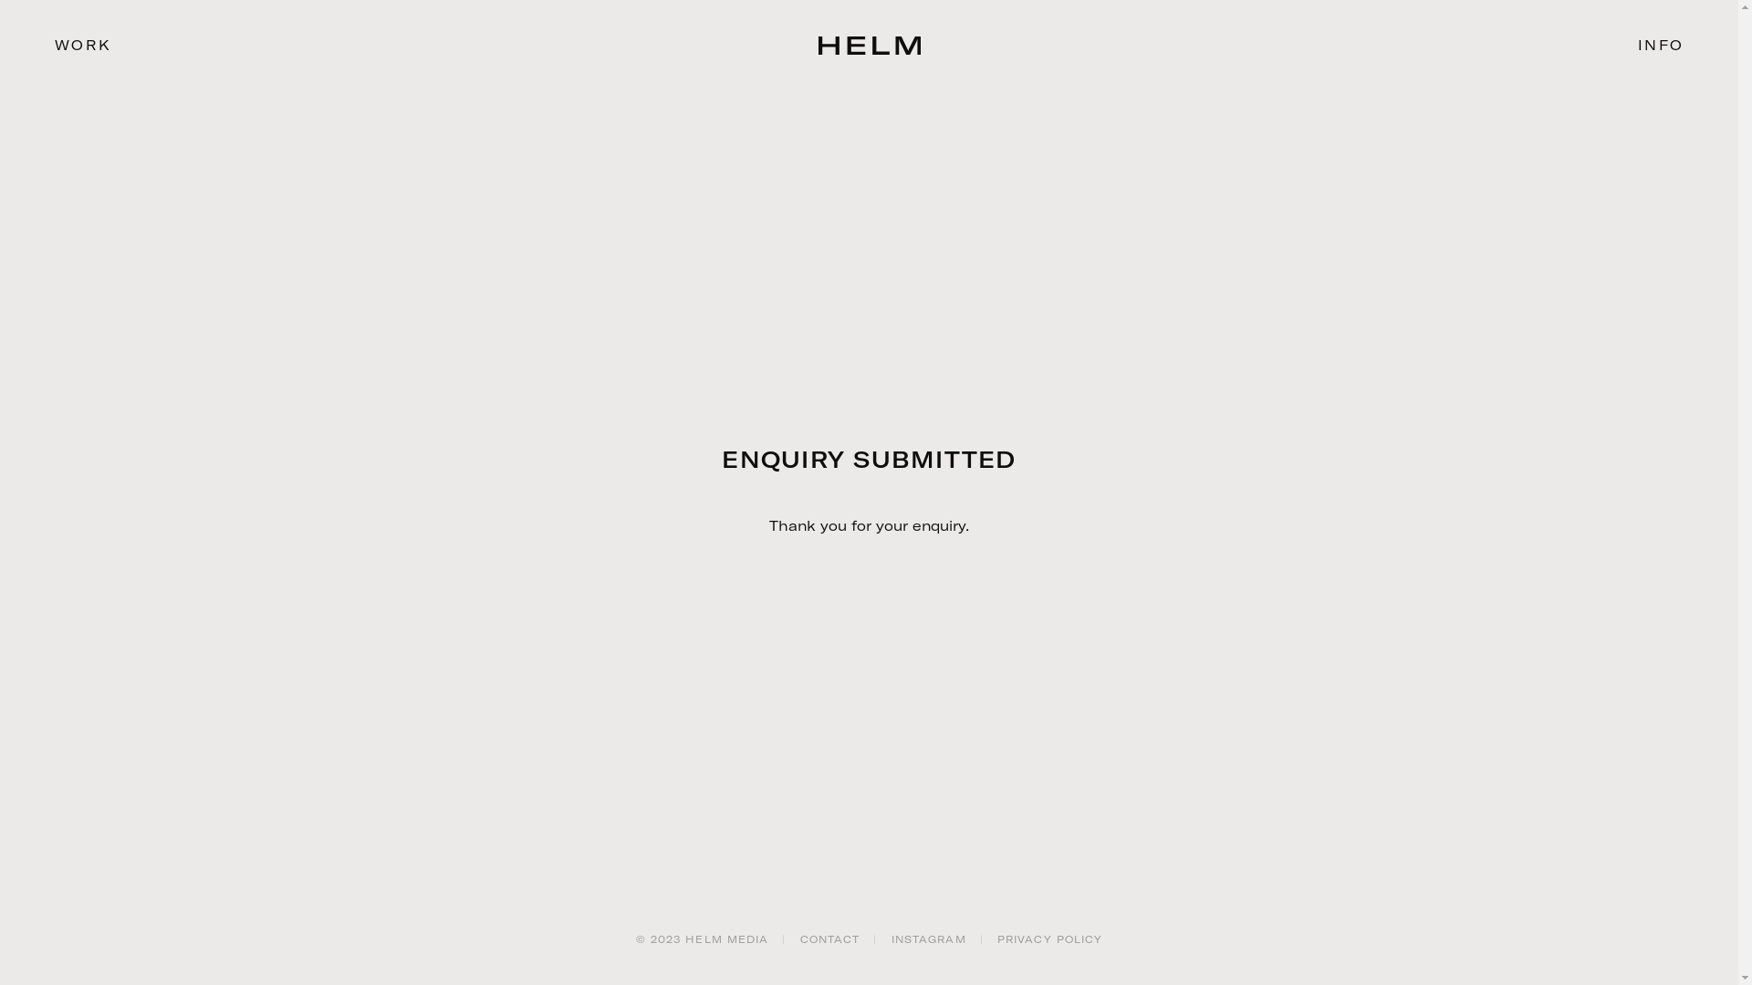 The image size is (1752, 985). Describe the element at coordinates (892, 938) in the screenshot. I see `'INSTAGRAM'` at that location.